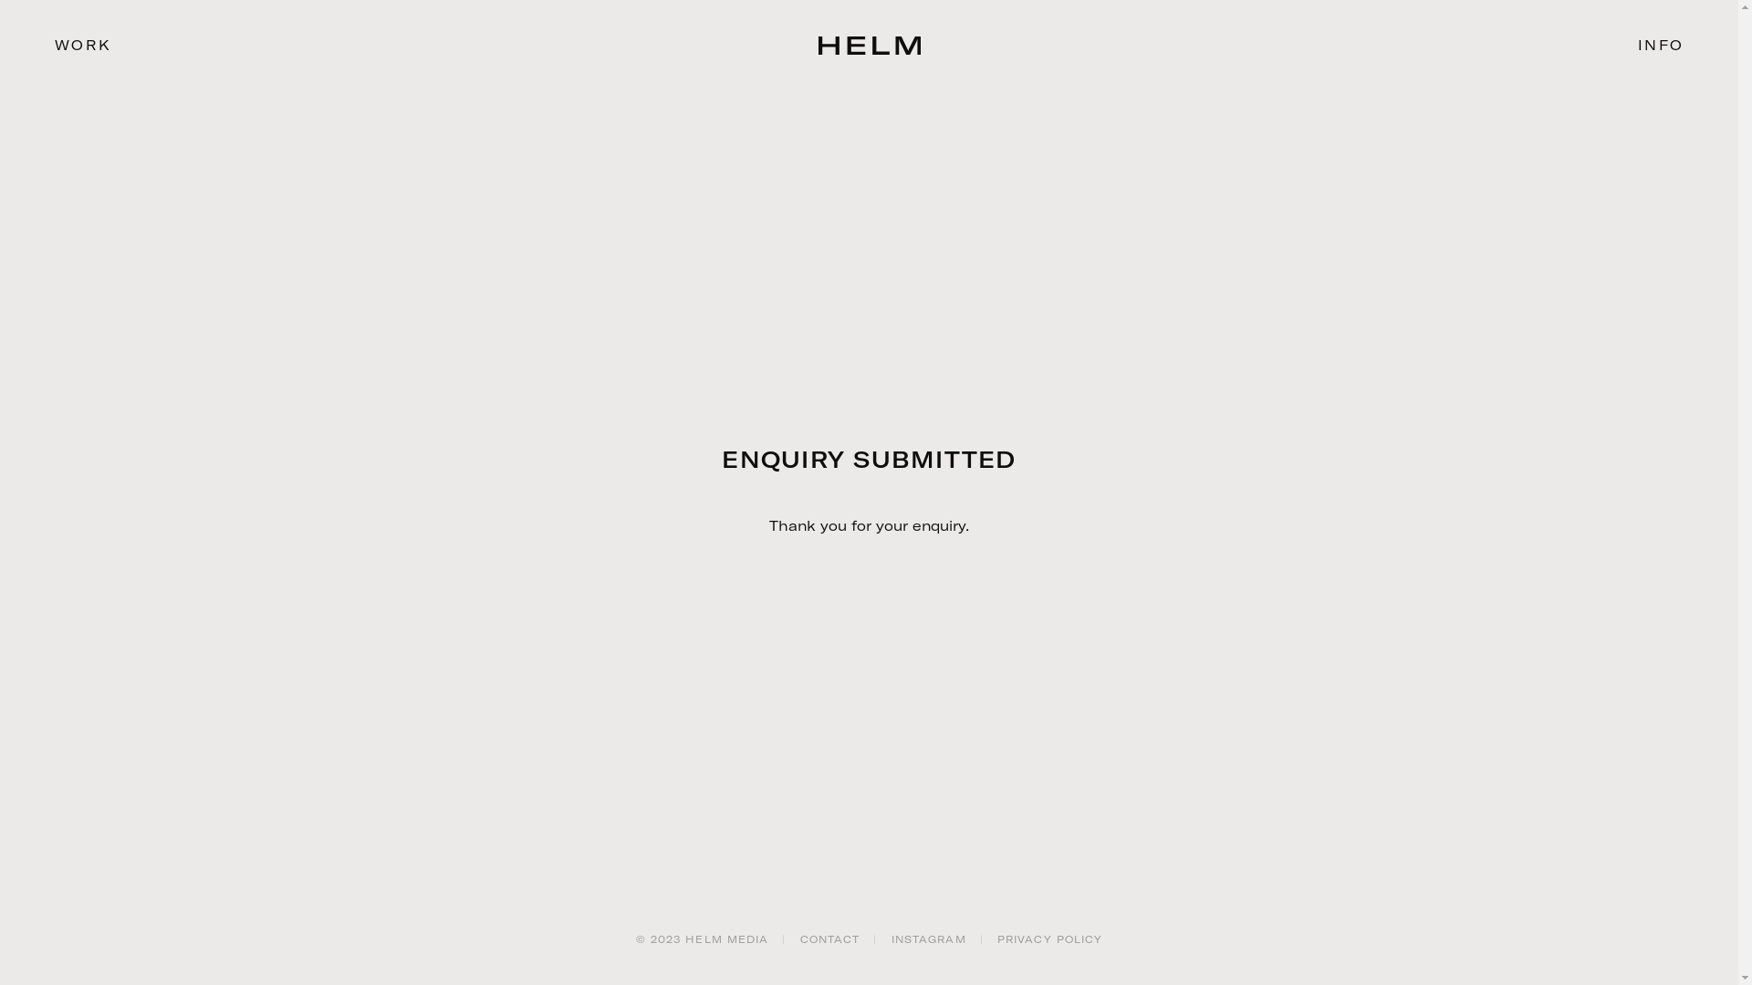 The image size is (1752, 985). Describe the element at coordinates (892, 938) in the screenshot. I see `'INSTAGRAM'` at that location.